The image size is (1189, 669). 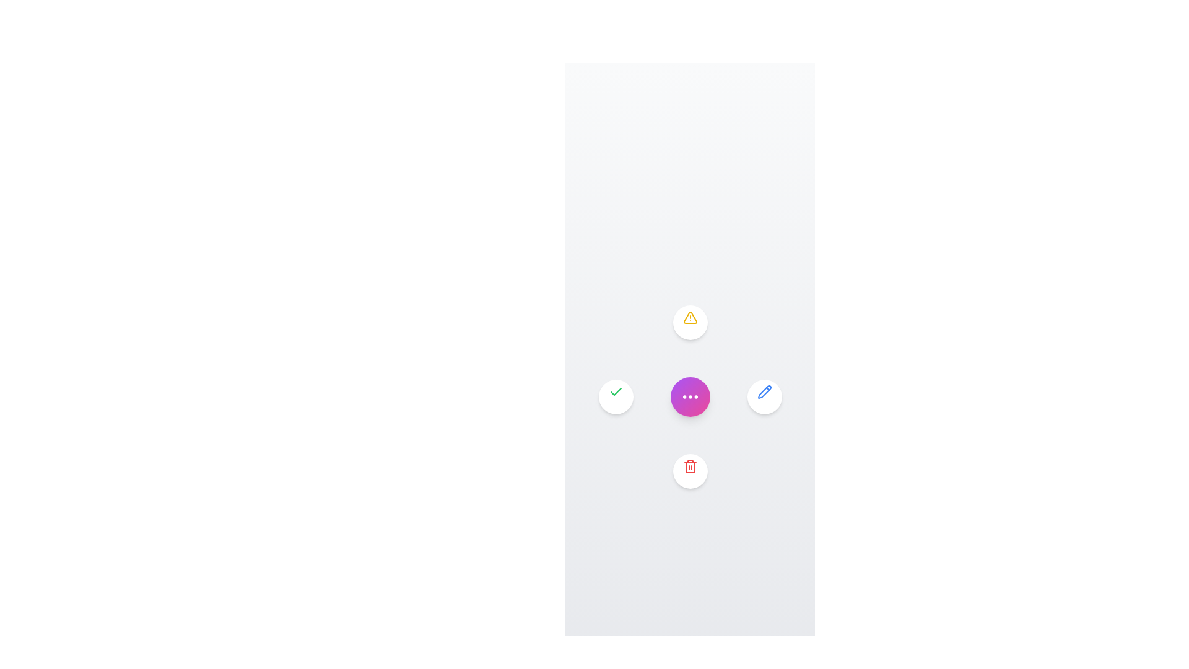 I want to click on the 'Complete' button in the radial menu, so click(x=616, y=396).